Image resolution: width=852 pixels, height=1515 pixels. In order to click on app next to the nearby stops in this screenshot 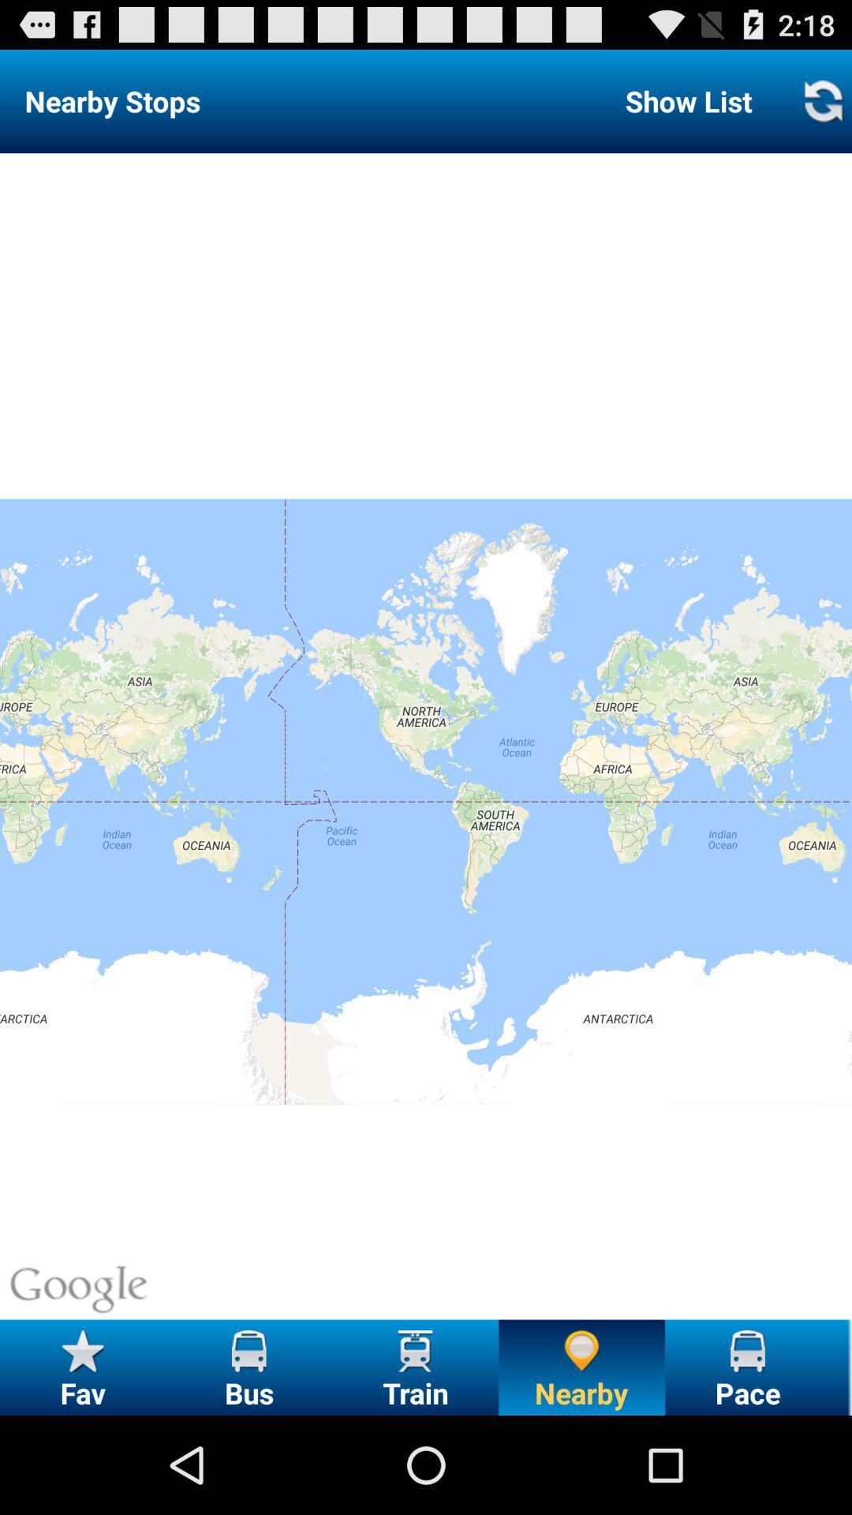, I will do `click(688, 100)`.